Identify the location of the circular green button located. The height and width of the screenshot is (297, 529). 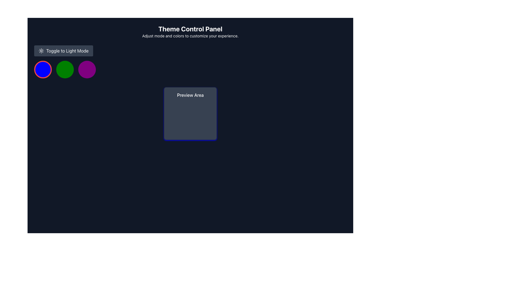
(65, 69).